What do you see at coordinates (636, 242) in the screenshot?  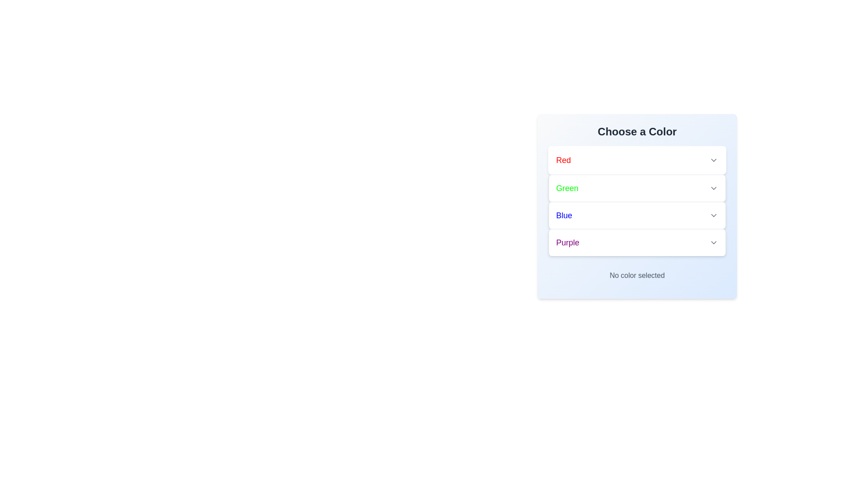 I see `the color Purple to select it` at bounding box center [636, 242].